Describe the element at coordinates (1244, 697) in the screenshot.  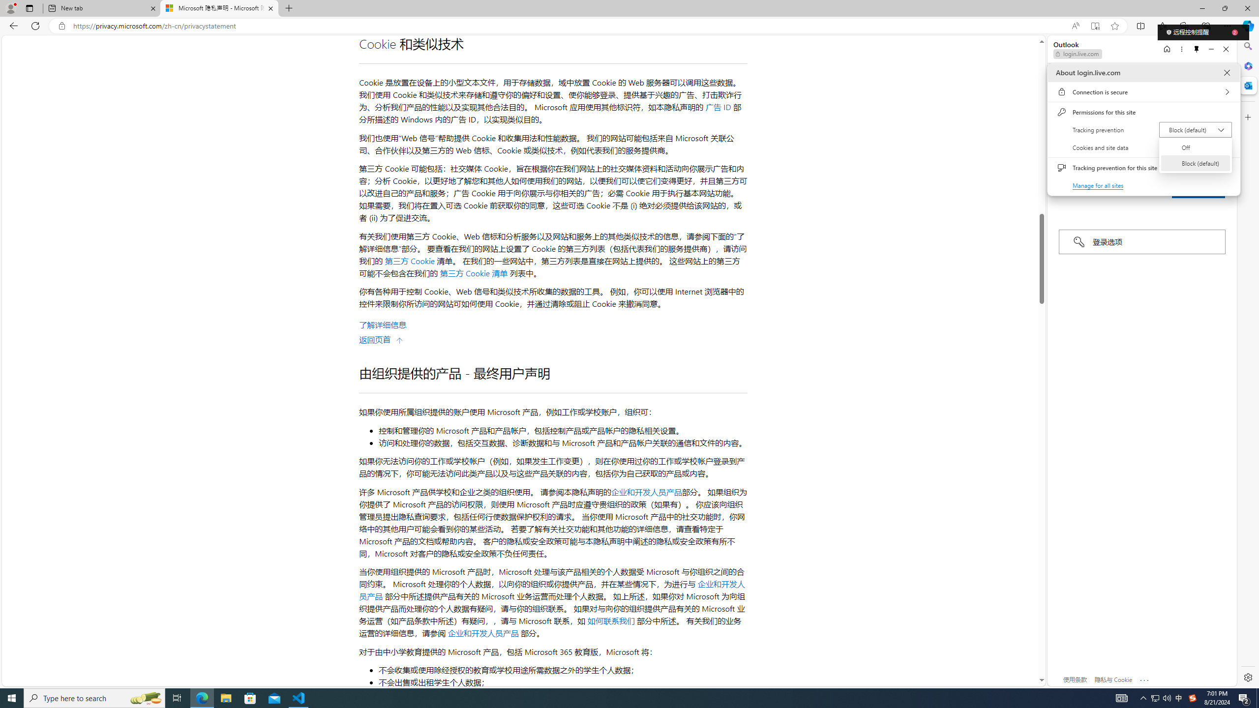
I see `'Action Center, 2 new notifications'` at that location.